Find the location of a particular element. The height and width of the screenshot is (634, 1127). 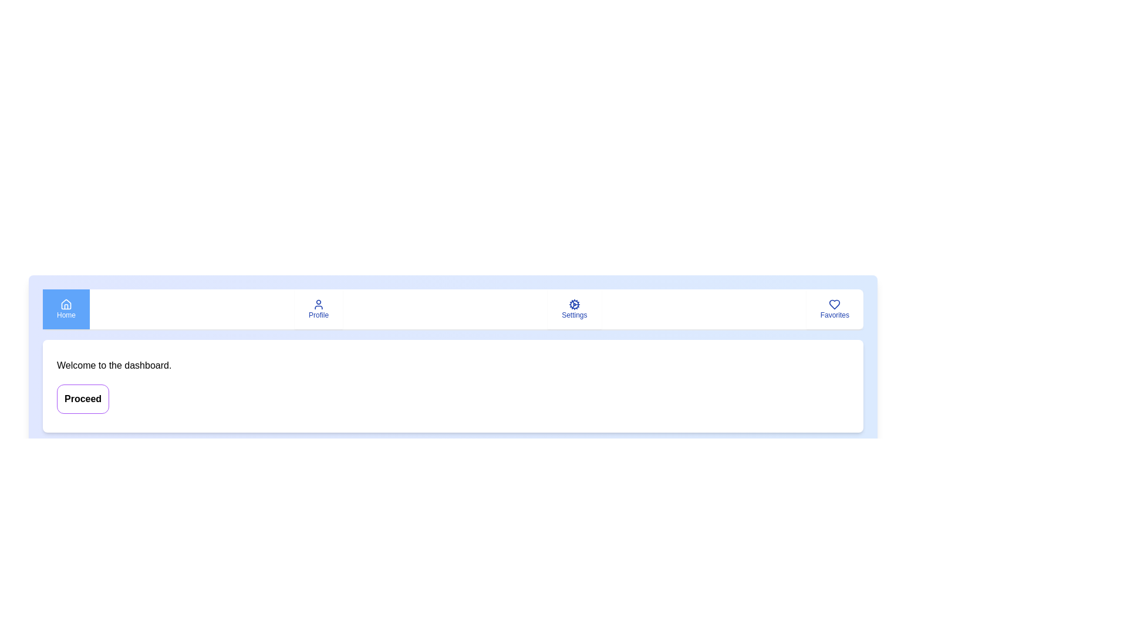

the 'Proceed' button to proceed to the next step is located at coordinates (82, 398).